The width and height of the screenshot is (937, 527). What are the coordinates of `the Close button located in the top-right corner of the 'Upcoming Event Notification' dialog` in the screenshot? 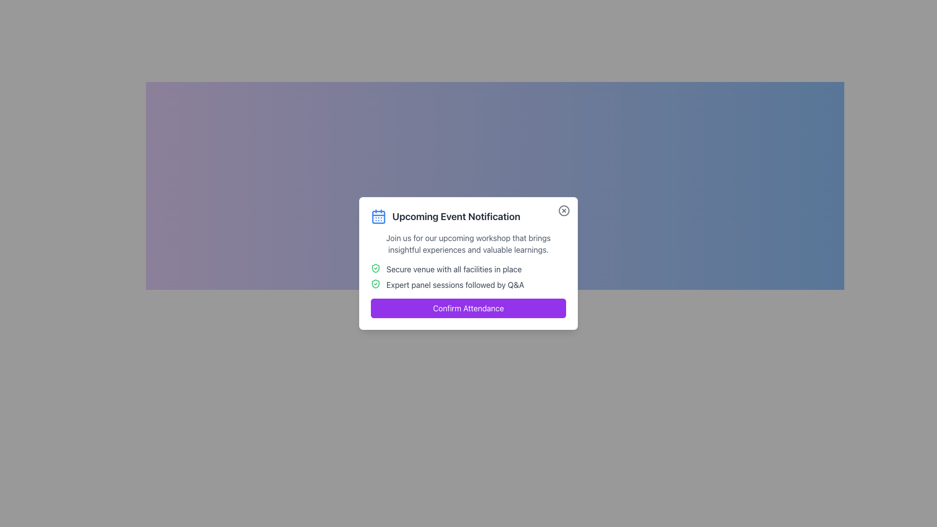 It's located at (564, 210).